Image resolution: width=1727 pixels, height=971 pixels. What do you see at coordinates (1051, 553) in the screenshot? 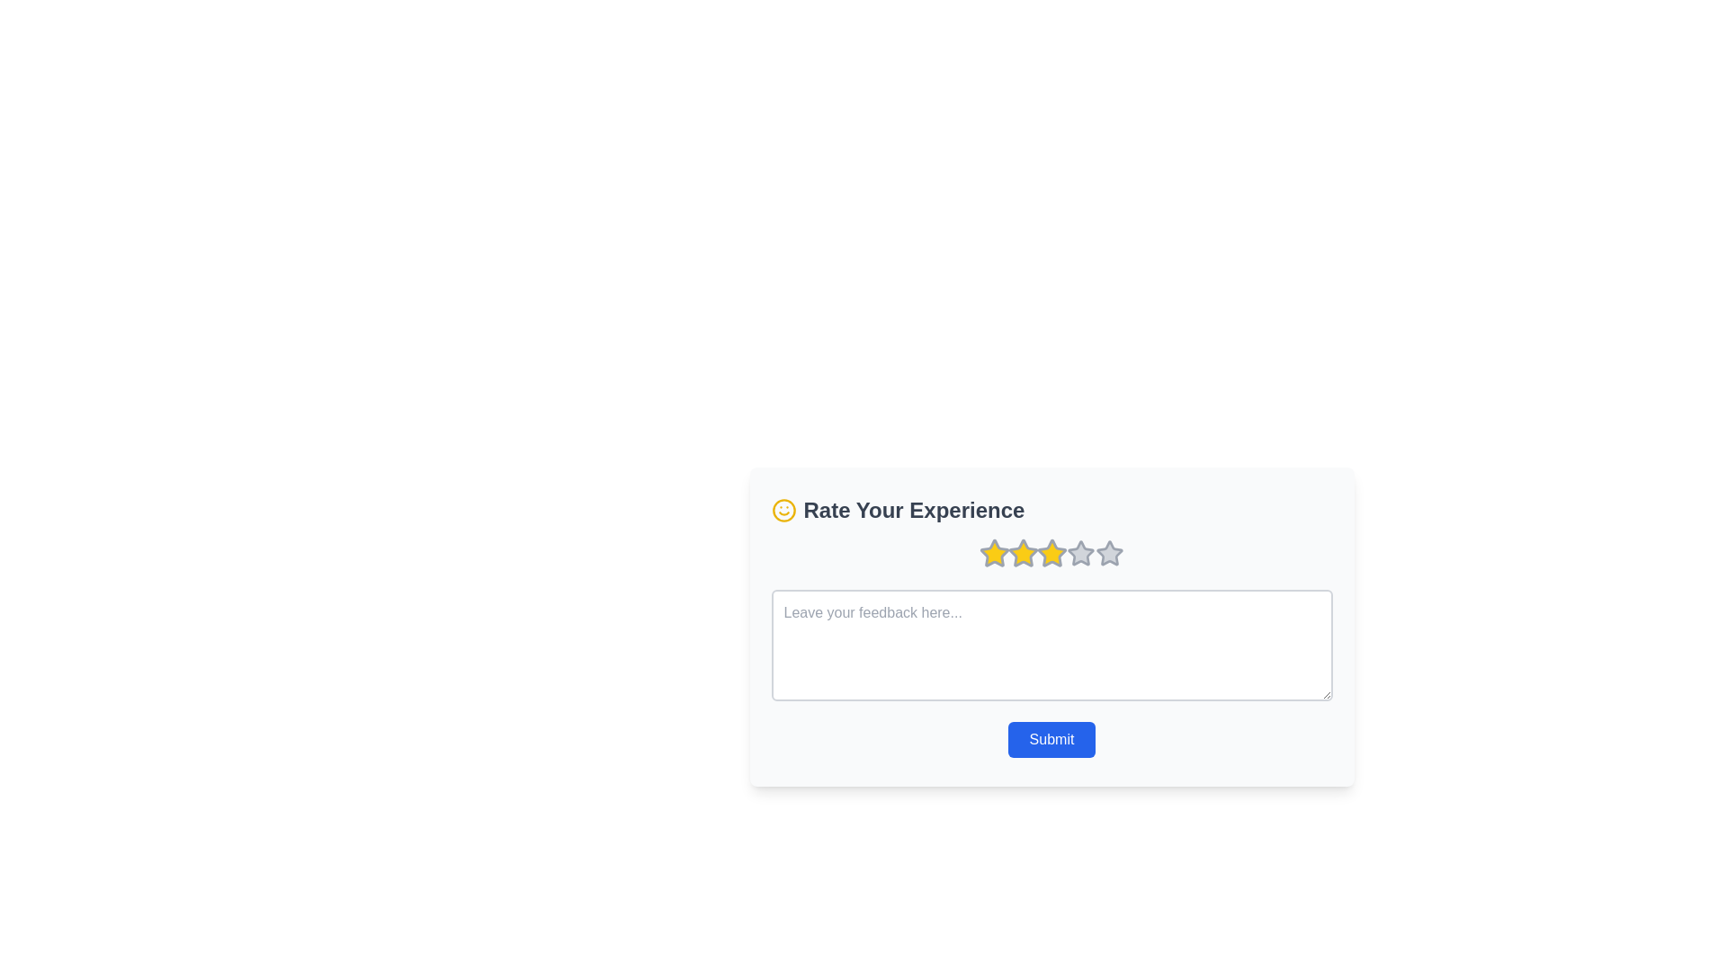
I see `the third interactive star icon for rating, which is highlighted in yellow` at bounding box center [1051, 553].